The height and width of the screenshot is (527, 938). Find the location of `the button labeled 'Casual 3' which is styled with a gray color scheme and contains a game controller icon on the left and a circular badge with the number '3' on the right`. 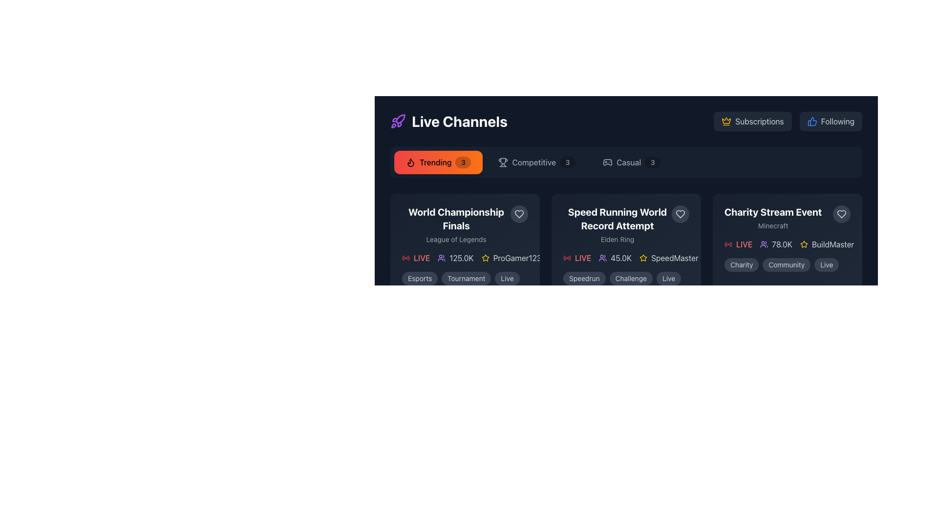

the button labeled 'Casual 3' which is styled with a gray color scheme and contains a game controller icon on the left and a circular badge with the number '3' on the right is located at coordinates (632, 162).